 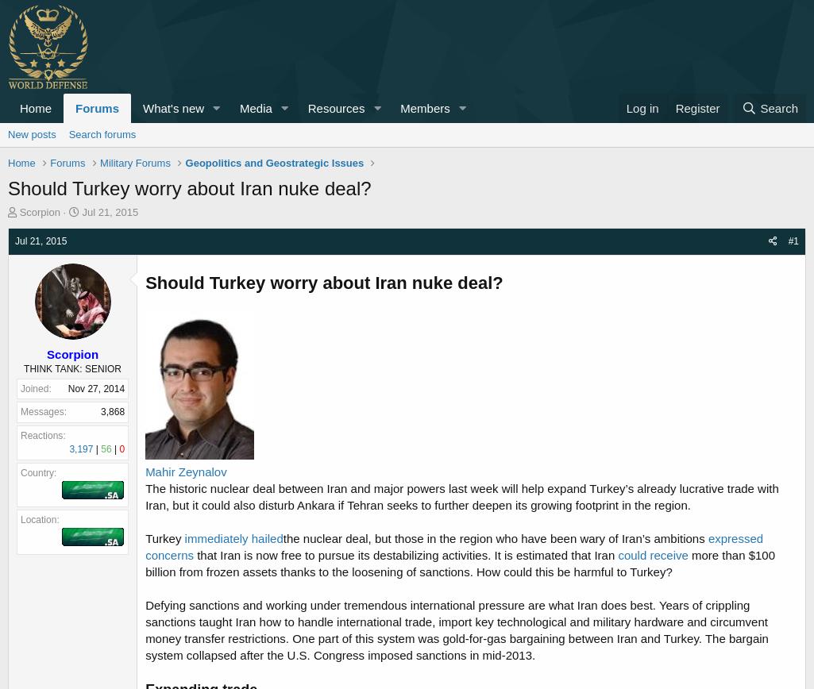 I want to click on '3,868', so click(x=111, y=411).